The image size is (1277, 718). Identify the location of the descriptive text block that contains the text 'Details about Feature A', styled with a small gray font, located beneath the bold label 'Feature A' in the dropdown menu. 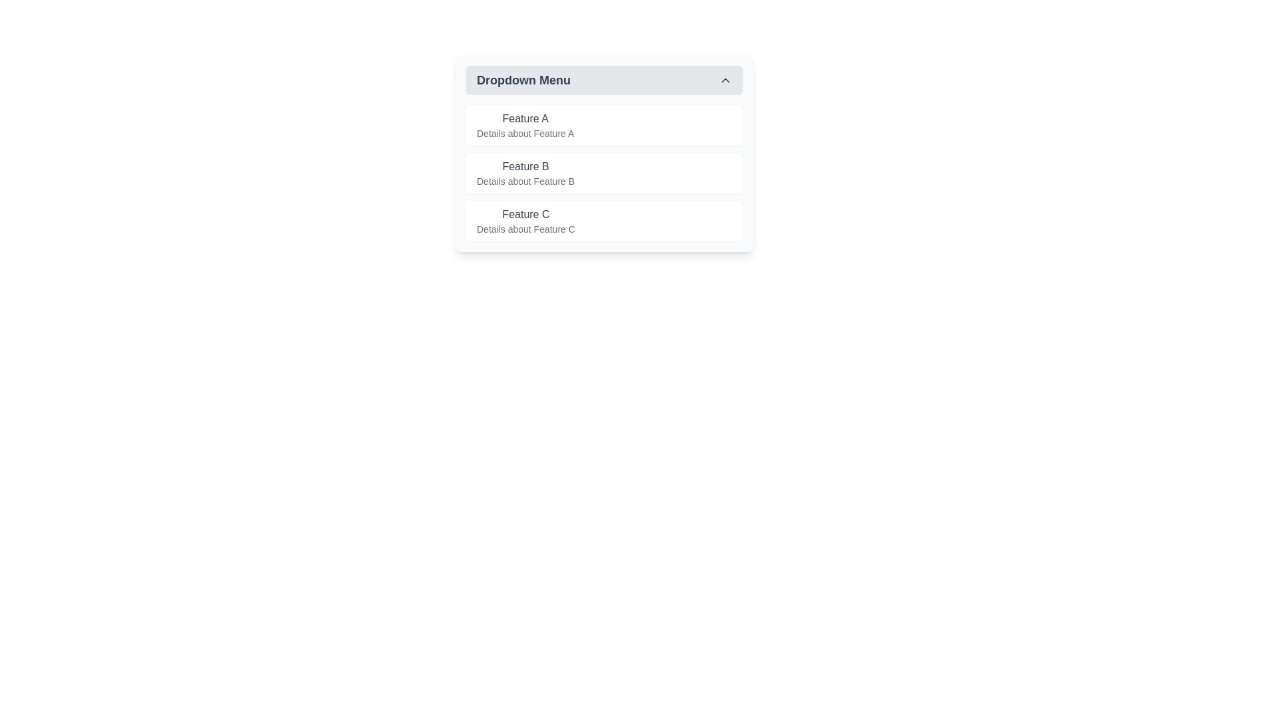
(525, 133).